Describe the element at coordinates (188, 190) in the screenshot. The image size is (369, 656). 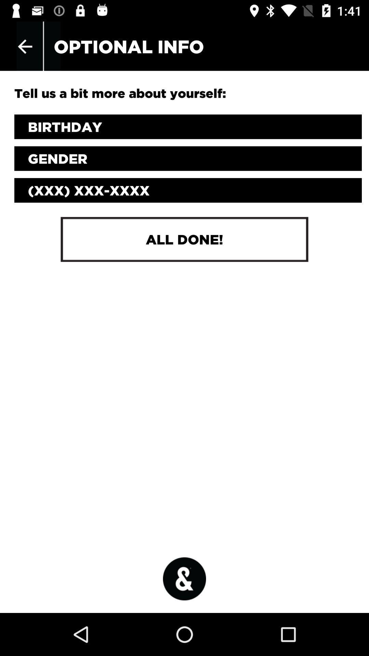
I see `phone number` at that location.